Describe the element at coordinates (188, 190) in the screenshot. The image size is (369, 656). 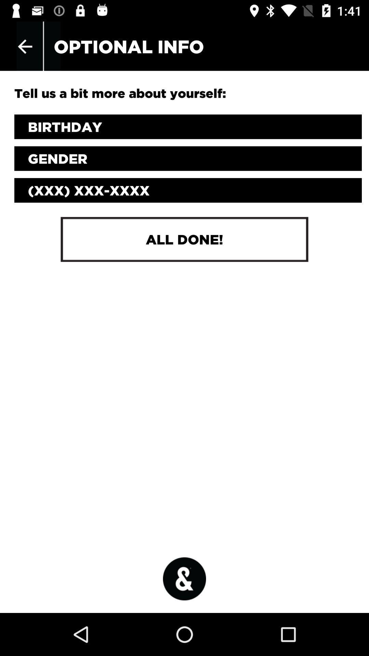
I see `phone number` at that location.